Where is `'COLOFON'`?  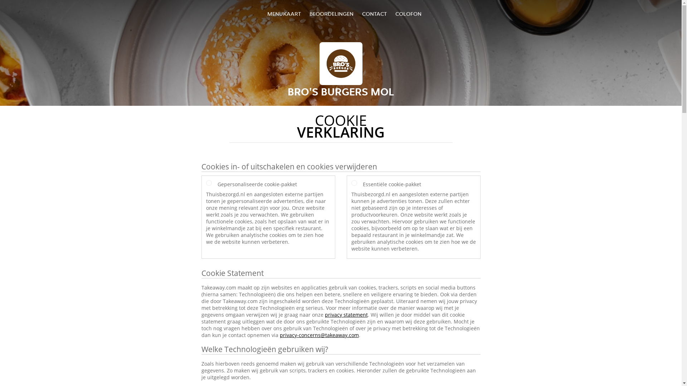 'COLOFON' is located at coordinates (408, 14).